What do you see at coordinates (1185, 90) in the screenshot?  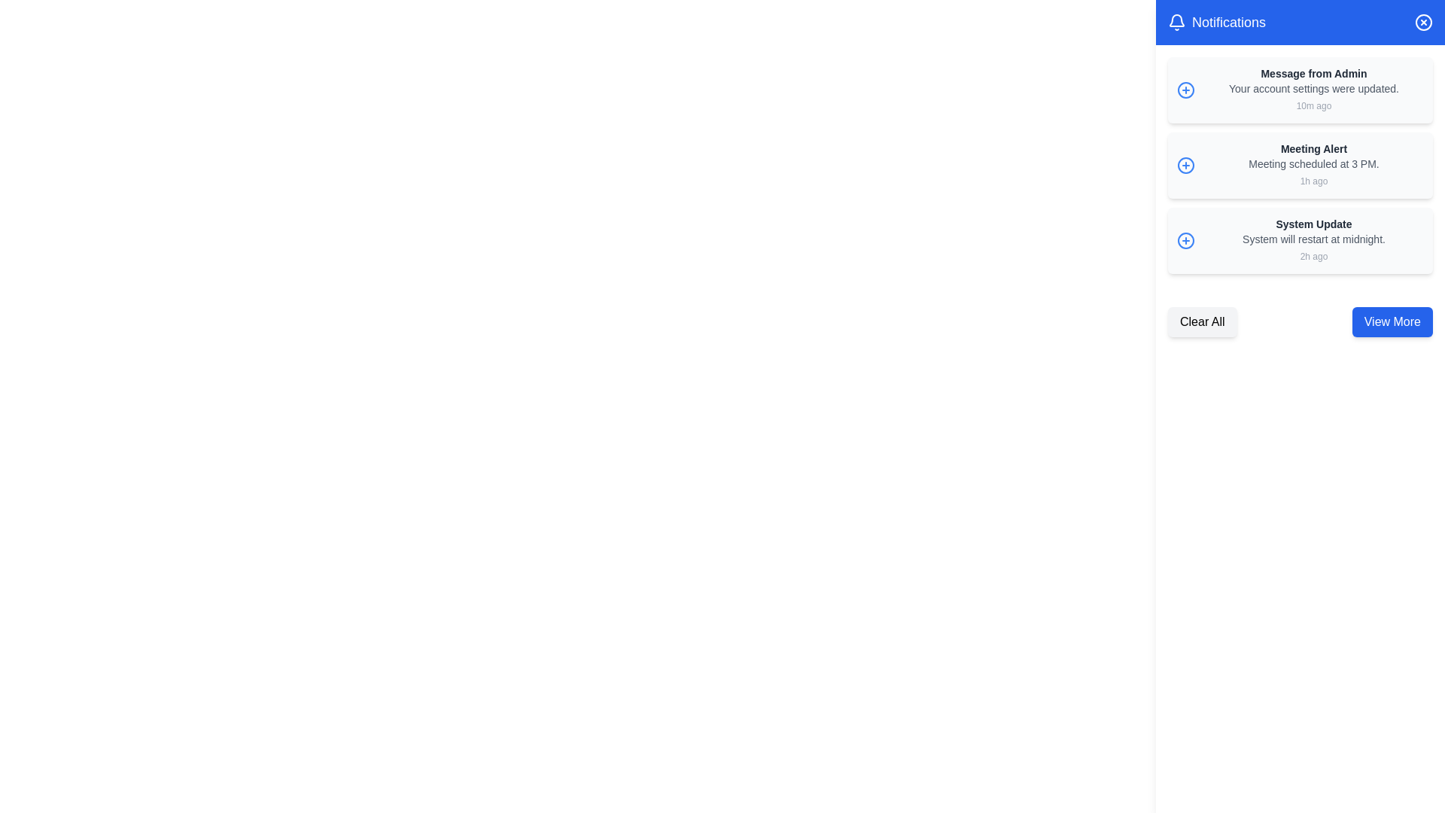 I see `the circular part of the notification icon in the first entry titled 'Message from Admin'` at bounding box center [1185, 90].